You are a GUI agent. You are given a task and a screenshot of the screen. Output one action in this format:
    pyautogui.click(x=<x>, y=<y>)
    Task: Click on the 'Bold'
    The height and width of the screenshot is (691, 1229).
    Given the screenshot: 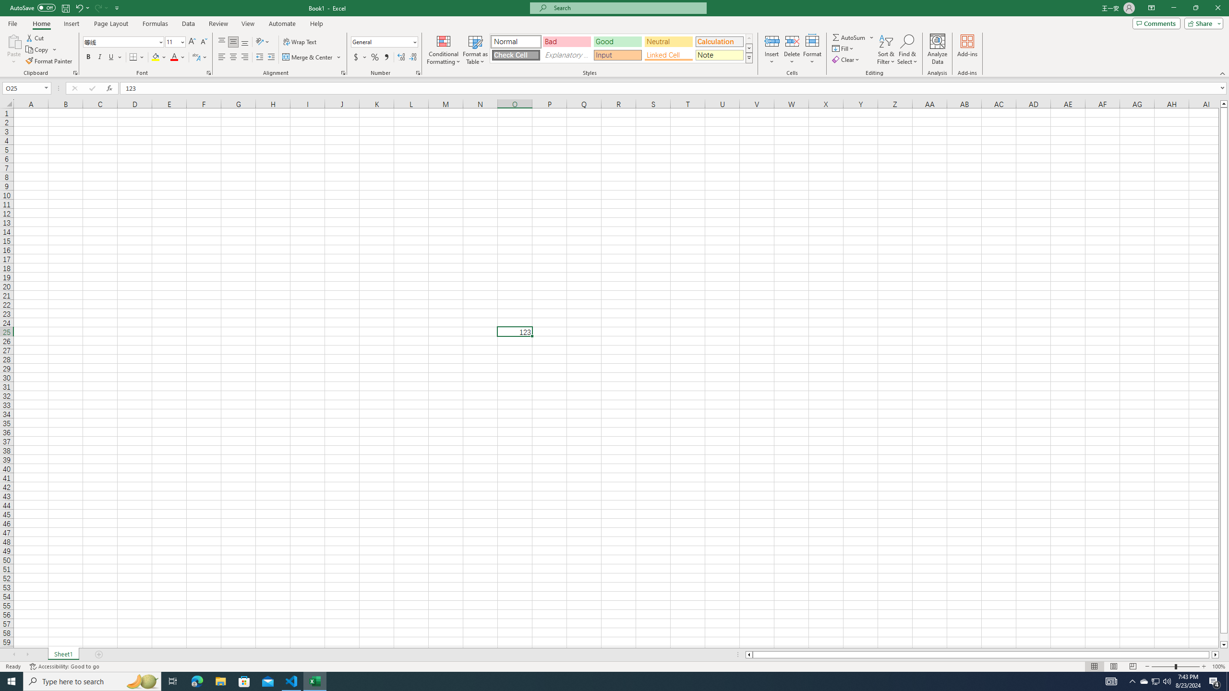 What is the action you would take?
    pyautogui.click(x=88, y=57)
    